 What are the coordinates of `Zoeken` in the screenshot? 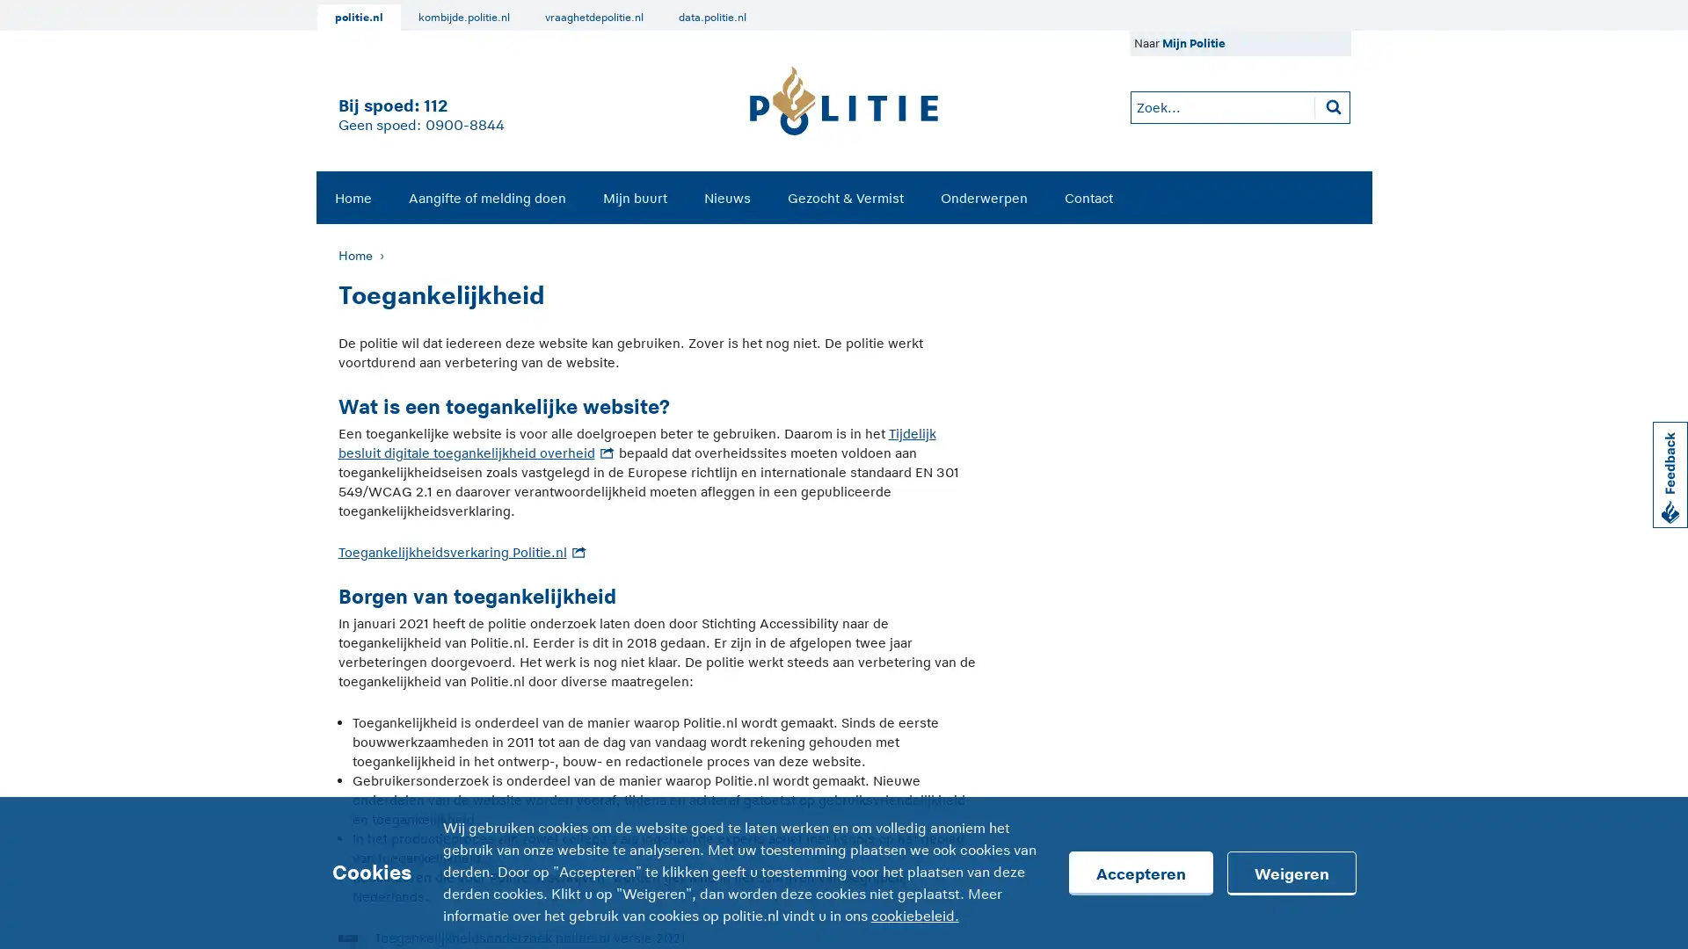 It's located at (1328, 107).